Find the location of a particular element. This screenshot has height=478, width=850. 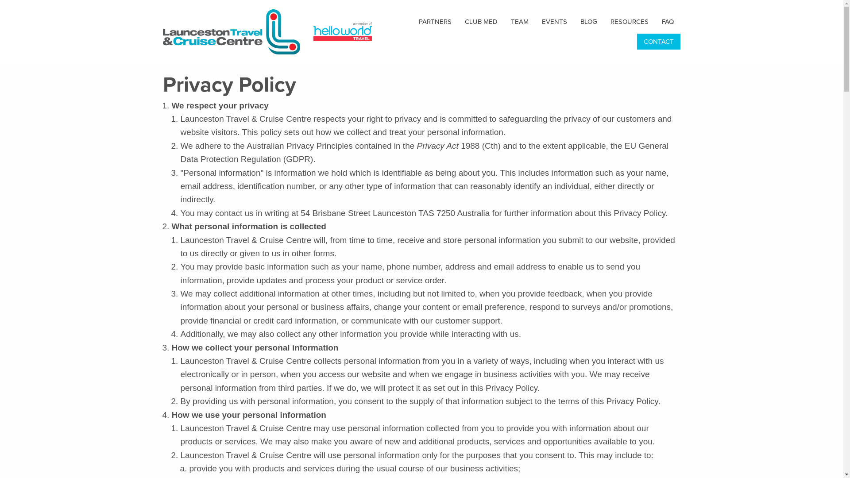

'RESOURCES' is located at coordinates (603, 21).